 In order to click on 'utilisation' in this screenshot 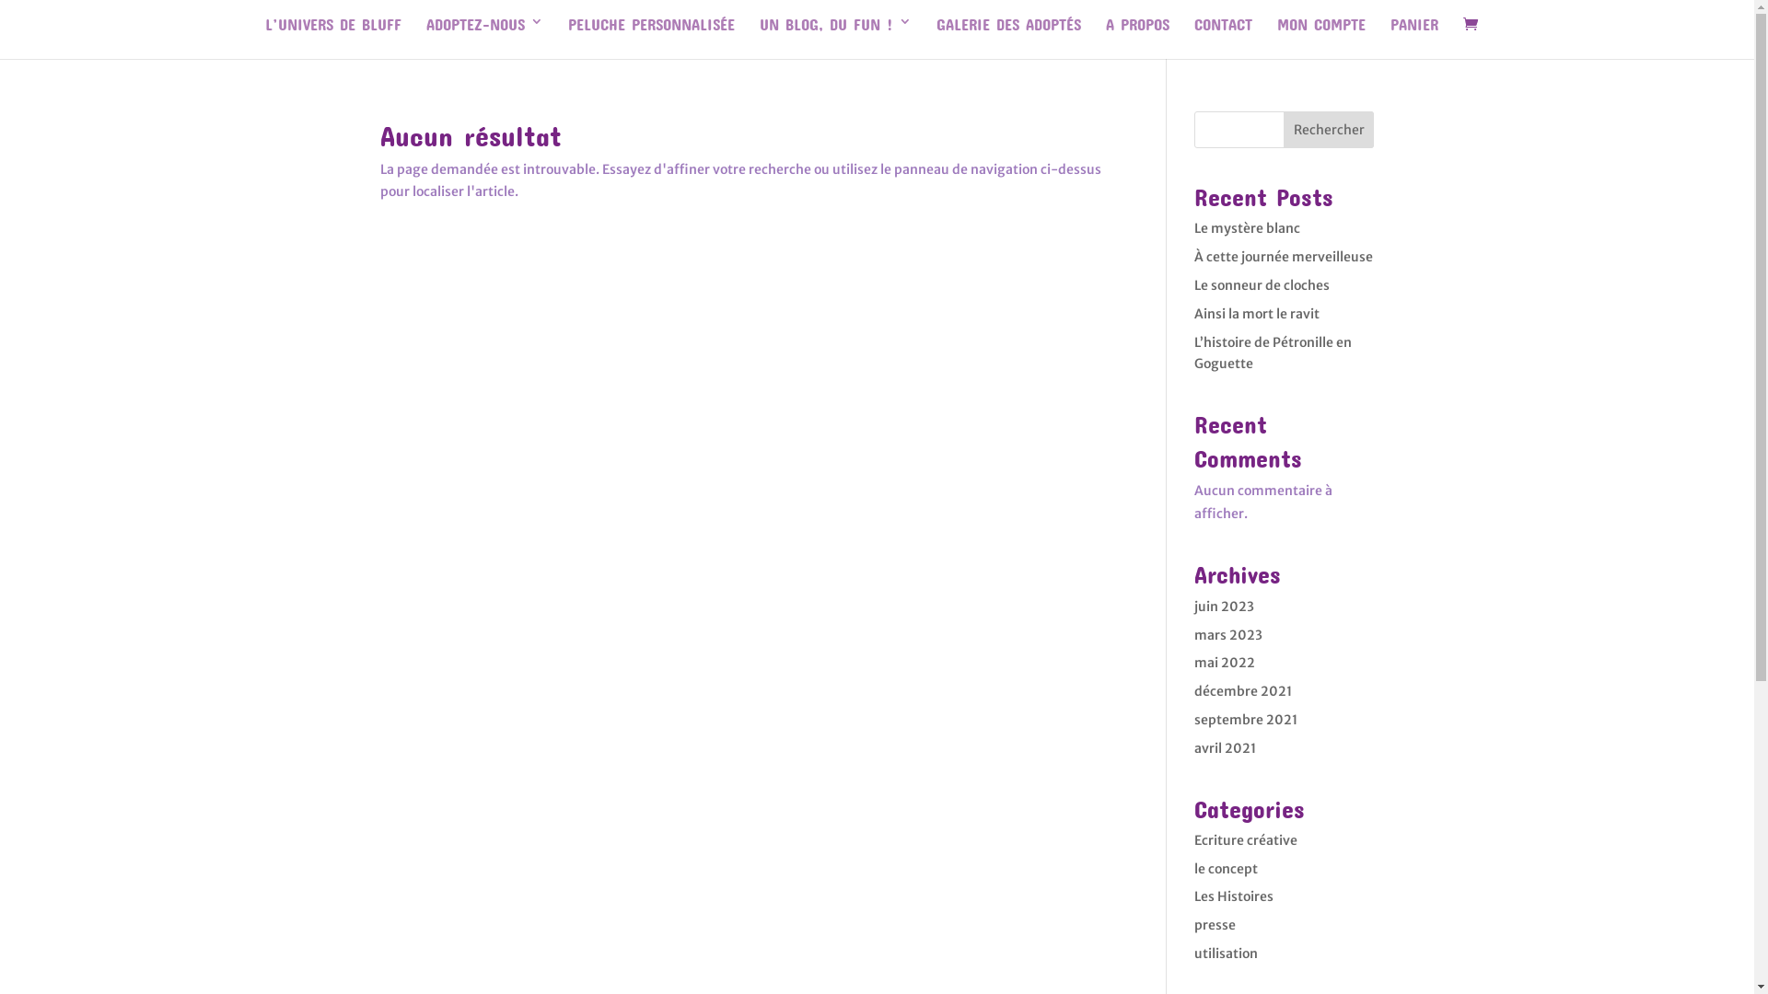, I will do `click(1226, 953)`.